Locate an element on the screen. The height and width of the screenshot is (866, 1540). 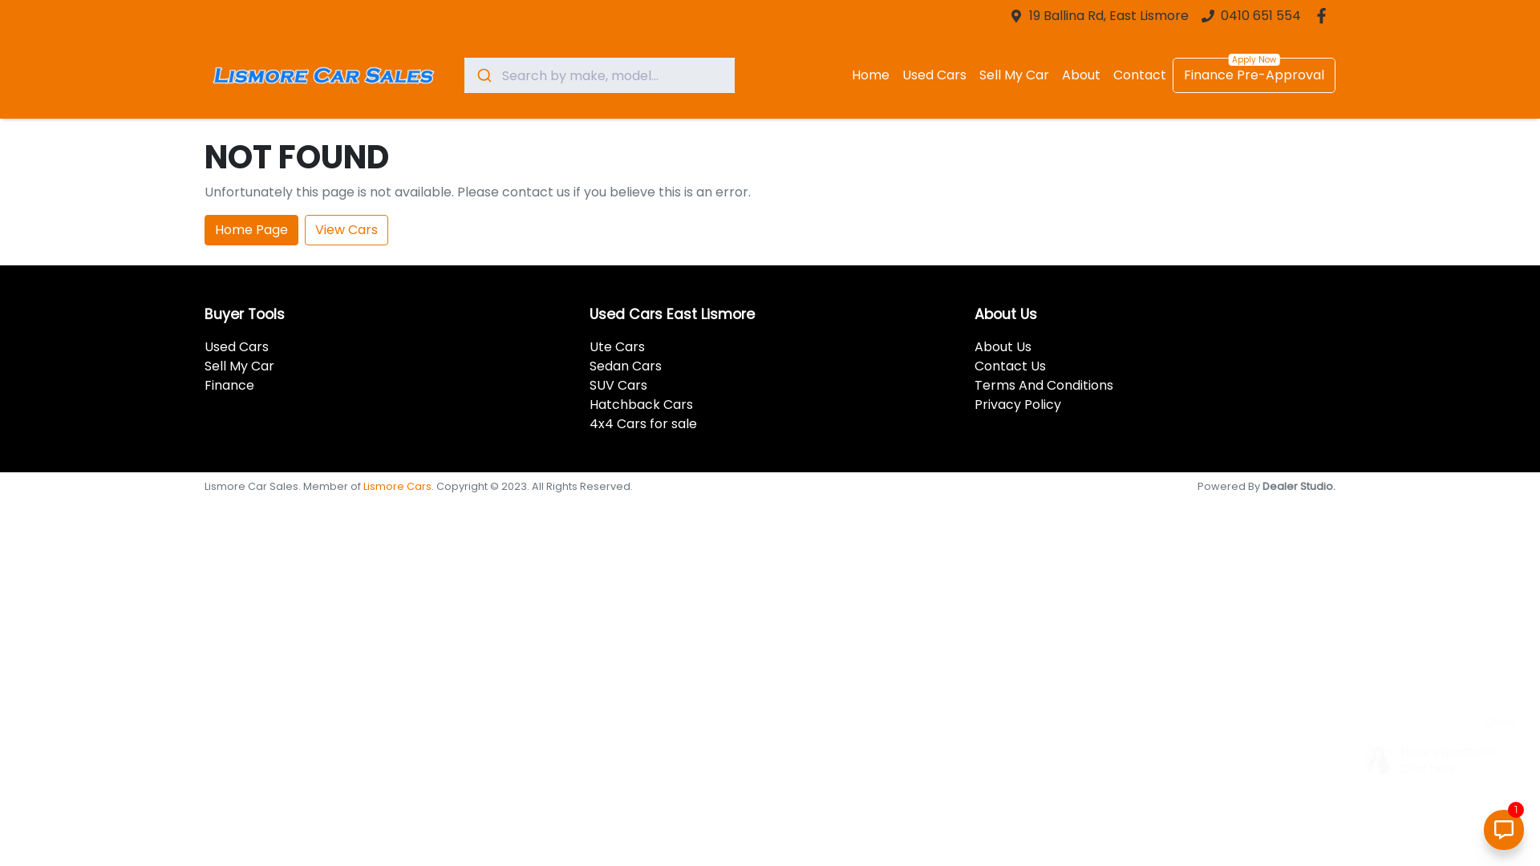
'4x4 Cars for sale' is located at coordinates (642, 423).